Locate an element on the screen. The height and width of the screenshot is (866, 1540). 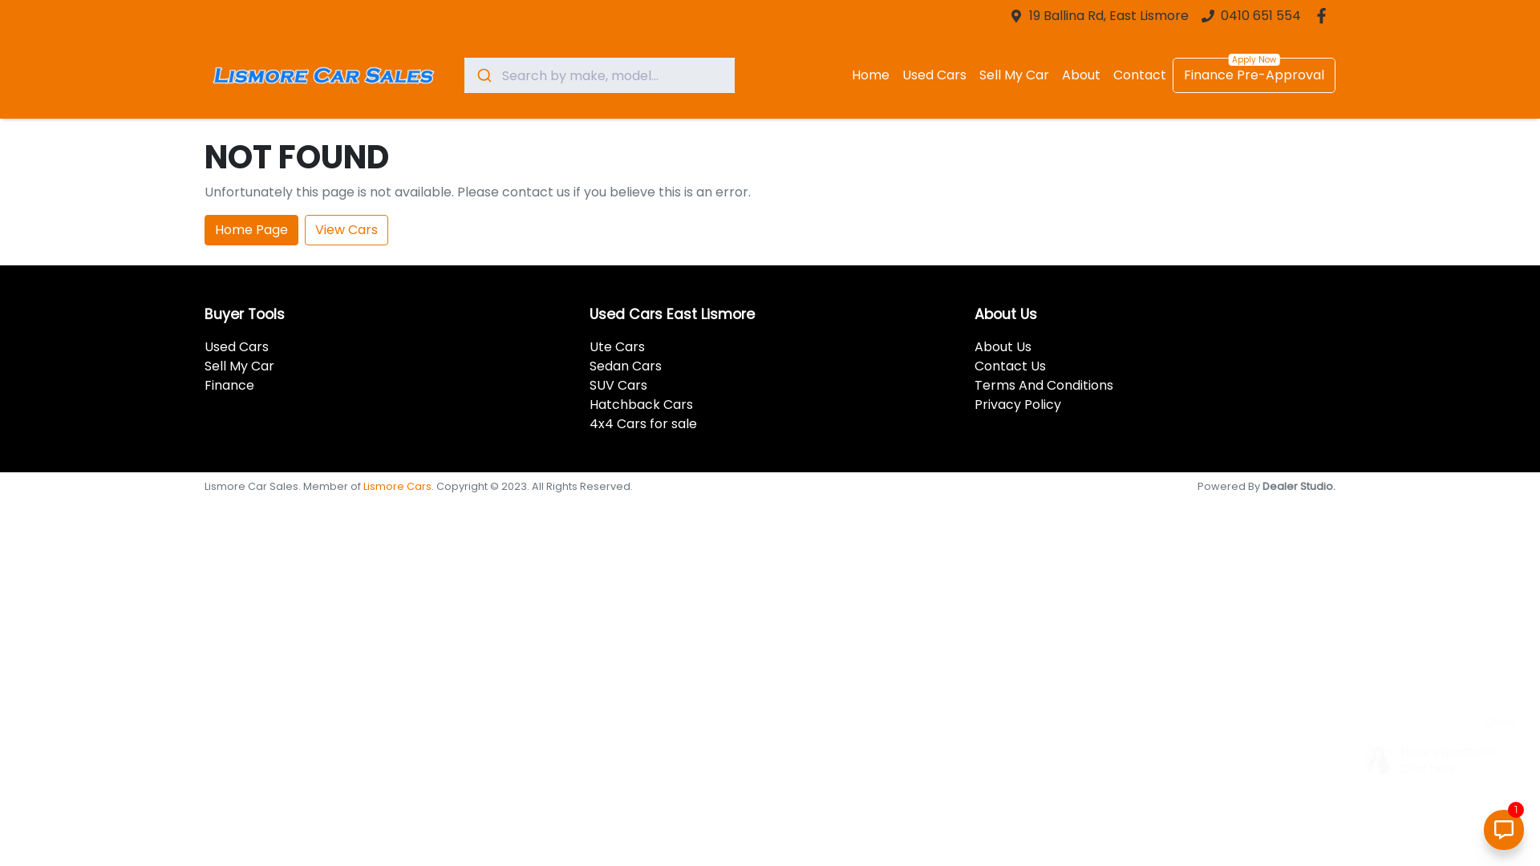
'4x4 Cars for sale' is located at coordinates (642, 423).